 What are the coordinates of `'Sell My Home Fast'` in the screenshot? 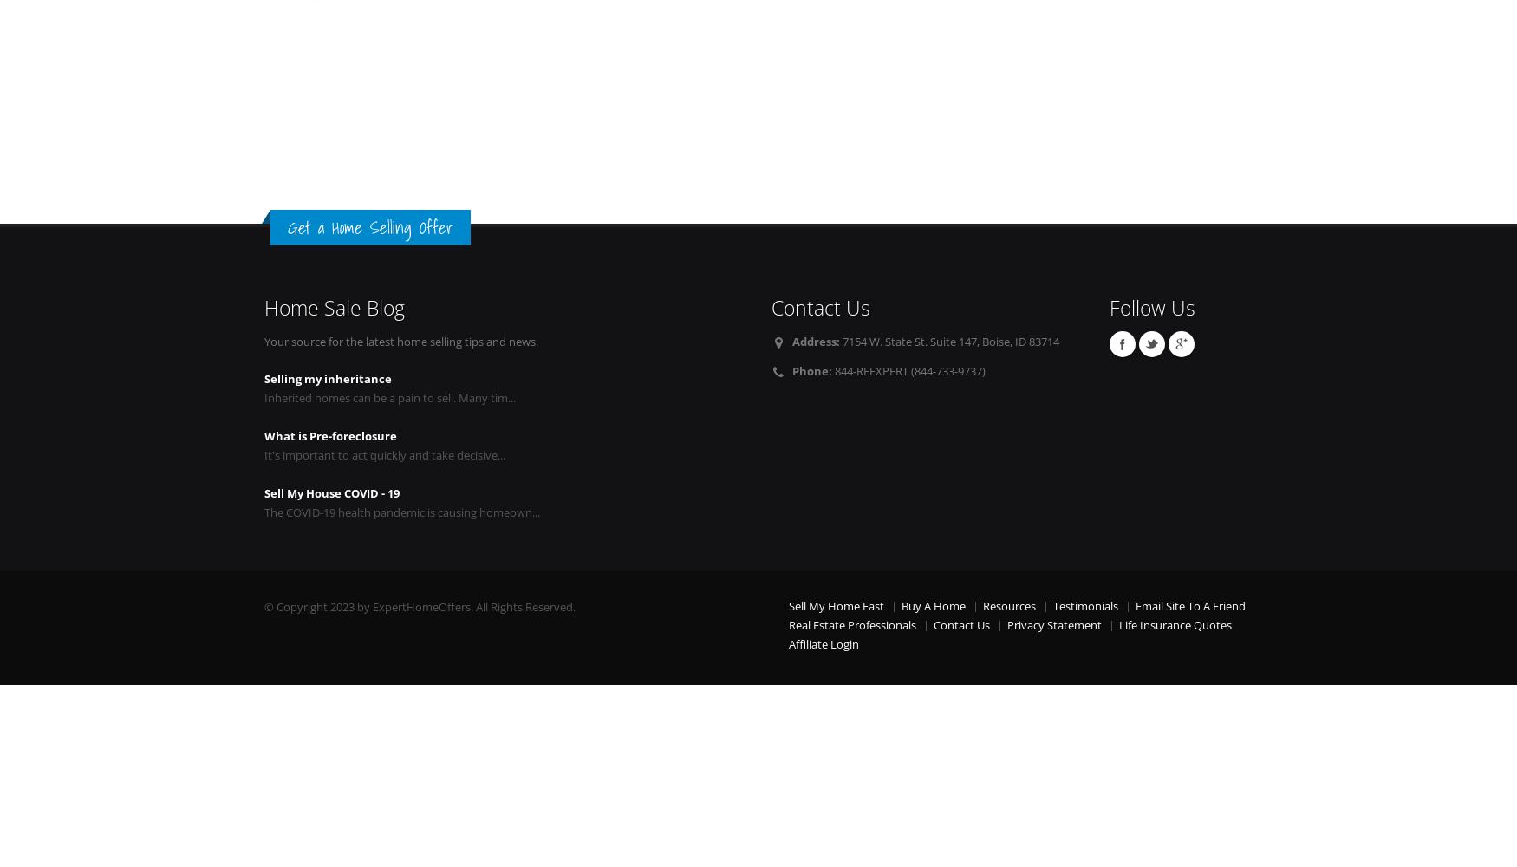 It's located at (788, 605).